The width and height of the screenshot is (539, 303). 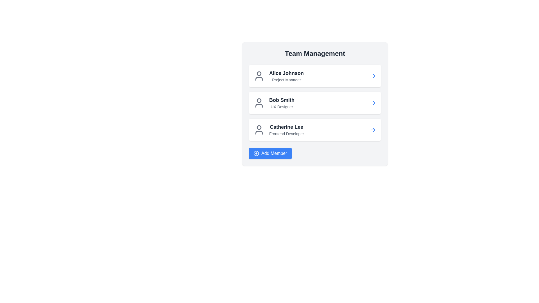 I want to click on the 'Add Member' button, which is a blue rectangular button with white text and a circular icon with a plus sign, so click(x=270, y=153).